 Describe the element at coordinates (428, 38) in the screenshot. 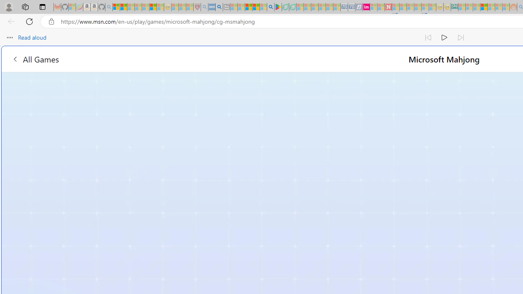

I see `'Read previous paragraph'` at that location.